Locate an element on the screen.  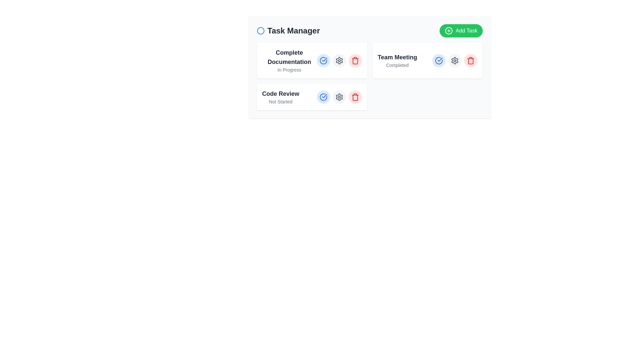
text information displayed in the text block labeled 'Complete Documentation' with the status 'In Progress' in the top-left task block of the Task Manager interface is located at coordinates (289, 60).